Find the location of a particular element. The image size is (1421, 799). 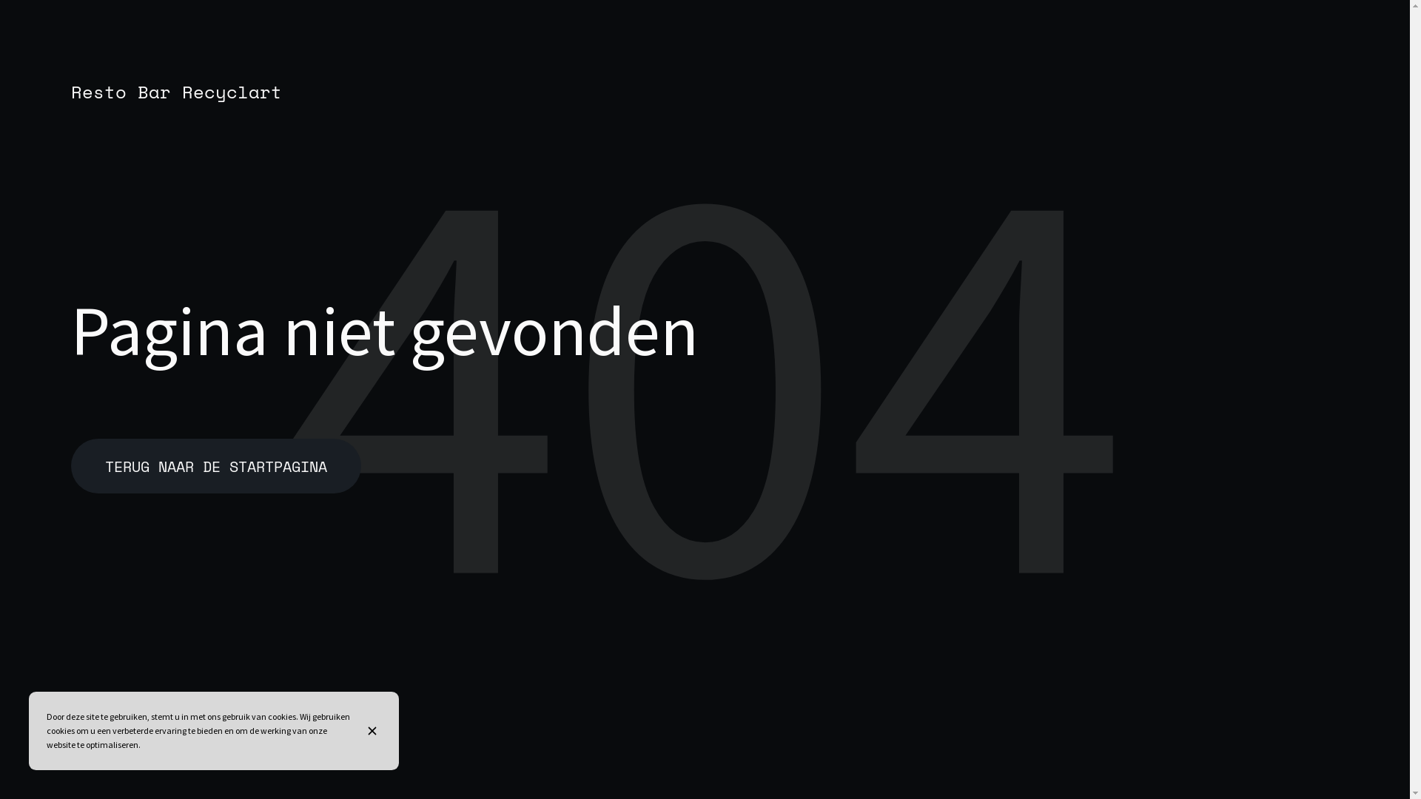

'Sluit de banner met cookie-informatie' is located at coordinates (374, 729).